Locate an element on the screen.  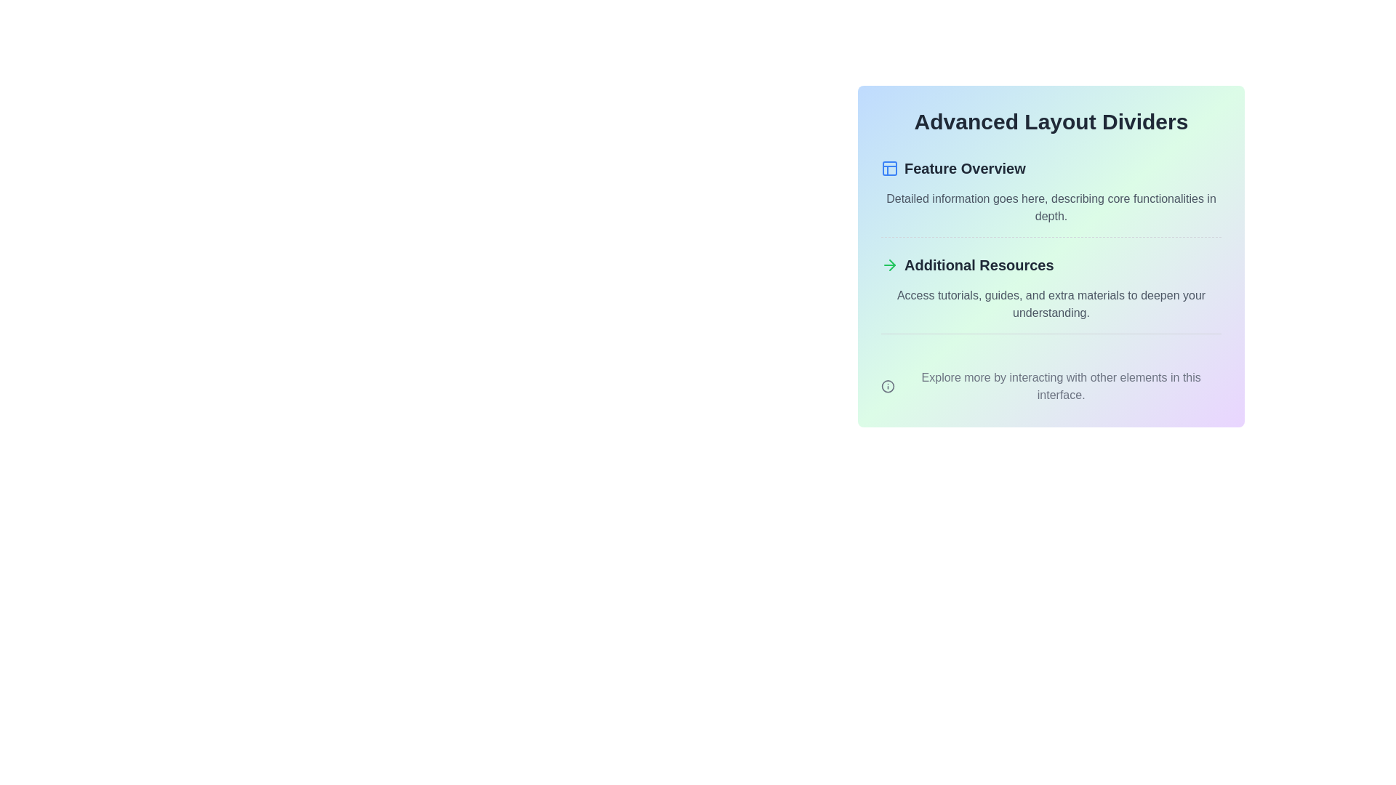
information in the 'Additional Resources' section, which includes a bold heading and a descriptive paragraph below it is located at coordinates (1051, 294).